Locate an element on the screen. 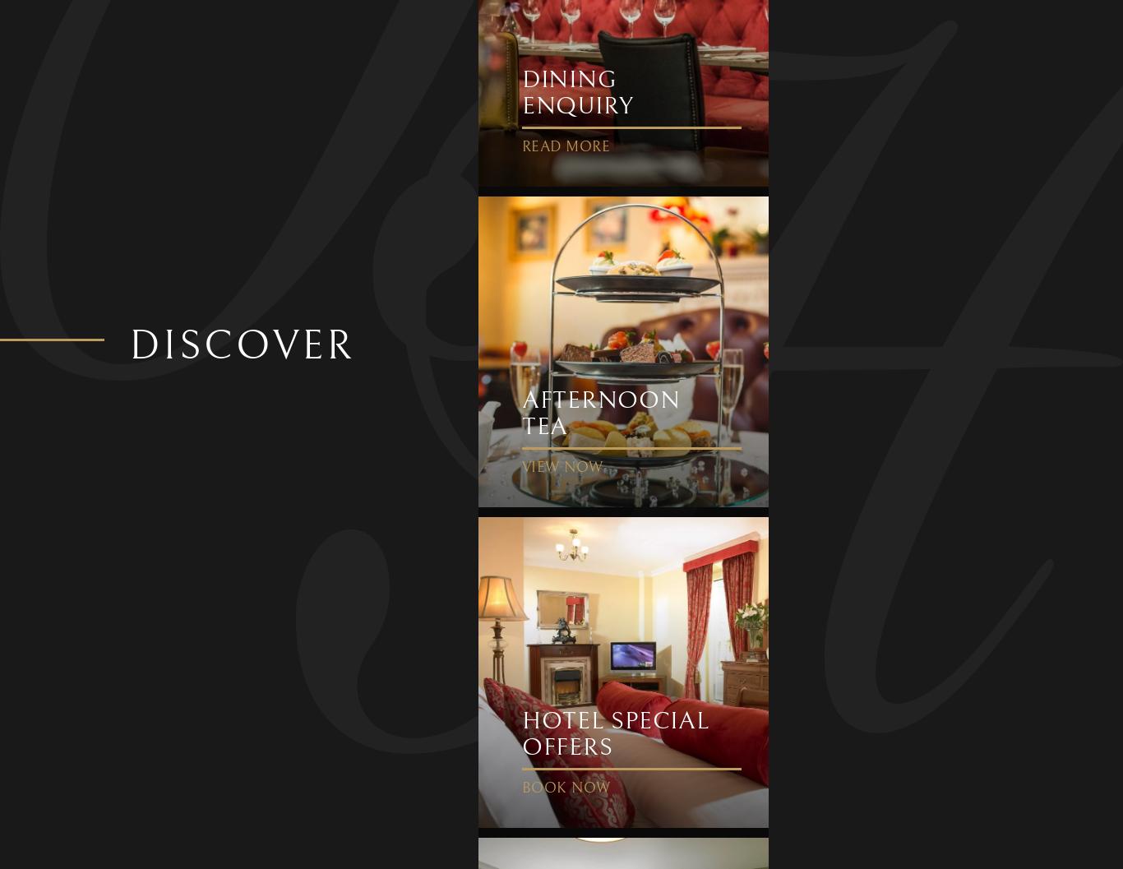  'Gift Vouchers' is located at coordinates (314, 356).